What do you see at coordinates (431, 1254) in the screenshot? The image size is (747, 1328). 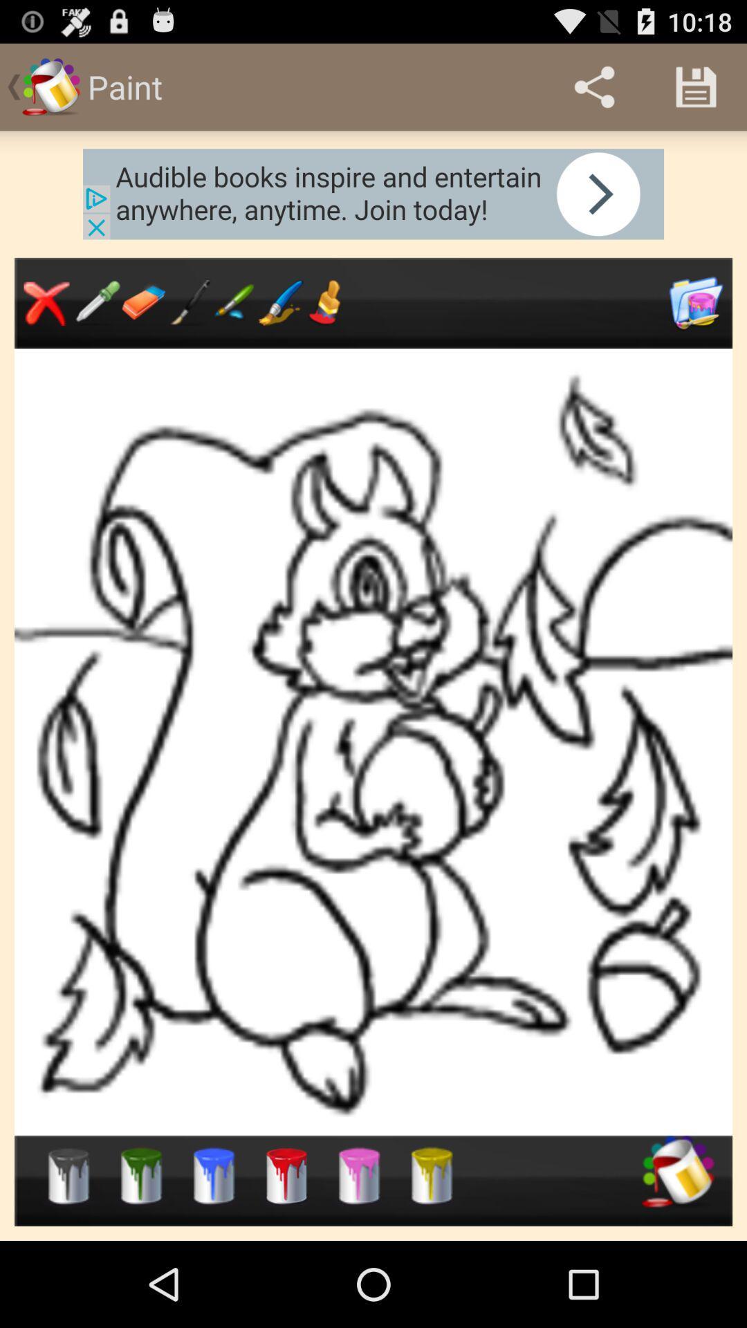 I see `the delete icon` at bounding box center [431, 1254].